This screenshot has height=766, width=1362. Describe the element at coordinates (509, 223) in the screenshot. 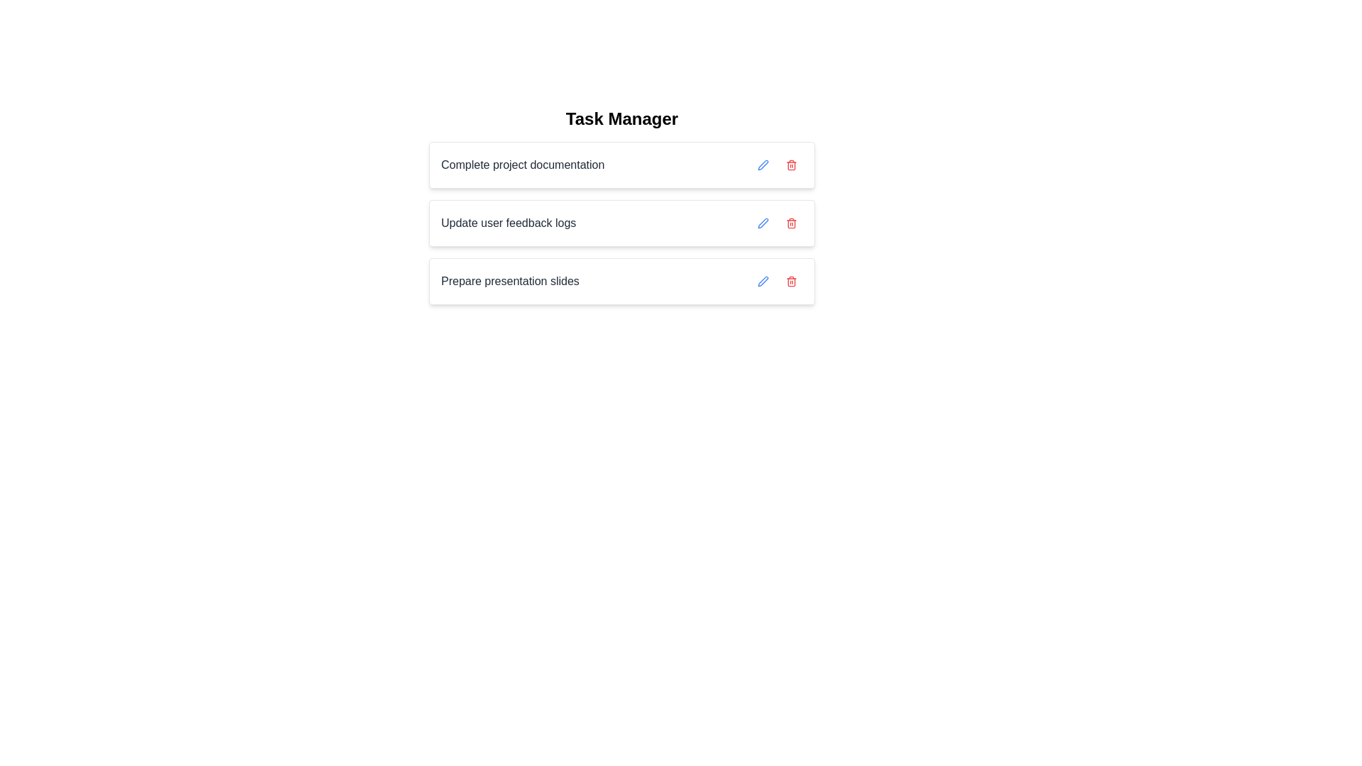

I see `the text label displaying 'Update user feedback logs', which is located in the middle section of a task list and styled within a card interface` at that location.